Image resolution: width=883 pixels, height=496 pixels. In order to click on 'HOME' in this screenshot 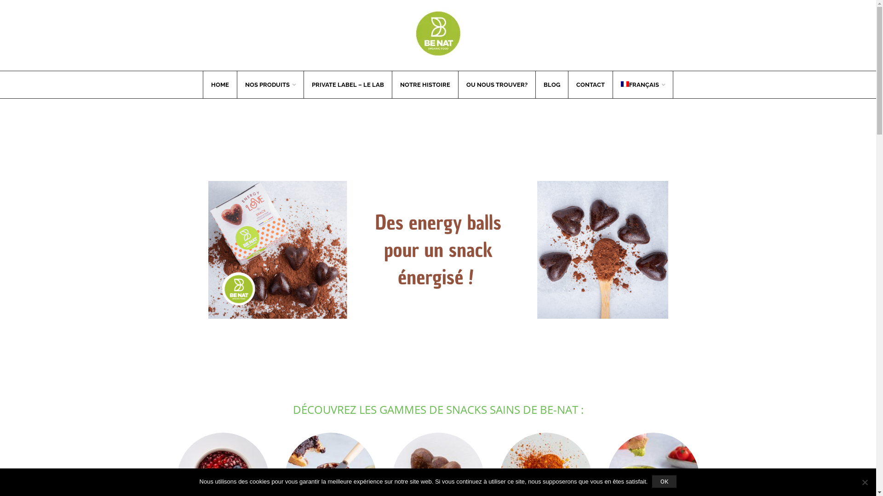, I will do `click(219, 85)`.